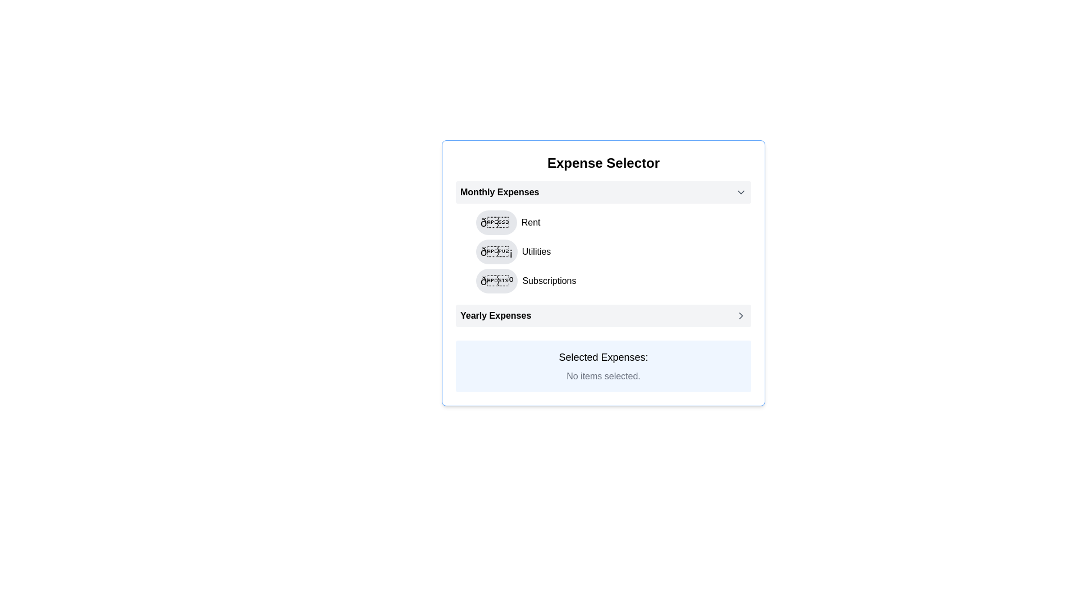 The image size is (1078, 606). I want to click on the text label that designates an expense category, located to the right of the house icon in the 'Monthly Expenses' section, so click(530, 223).